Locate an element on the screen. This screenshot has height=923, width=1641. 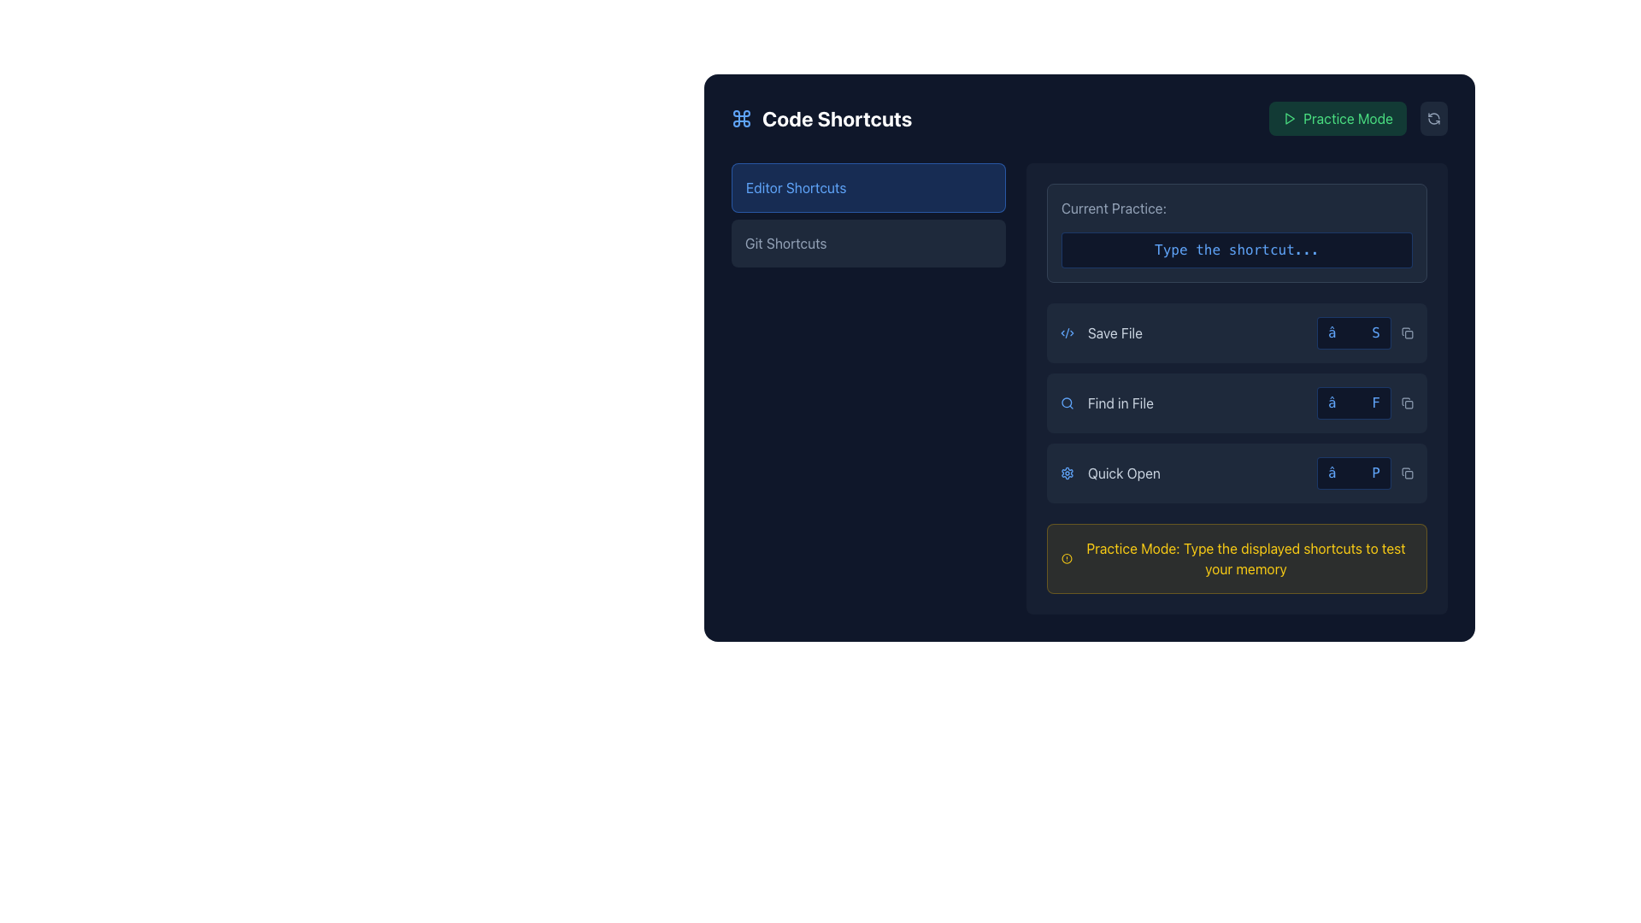
the search icon that represents the 'Find in File' operation, positioned to the left of the 'Find in File' text is located at coordinates (1066, 403).